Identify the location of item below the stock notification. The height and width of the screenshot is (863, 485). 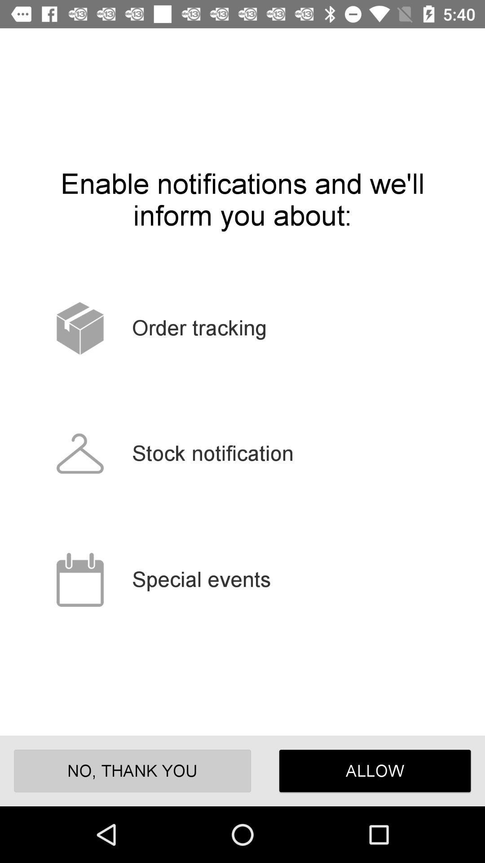
(375, 770).